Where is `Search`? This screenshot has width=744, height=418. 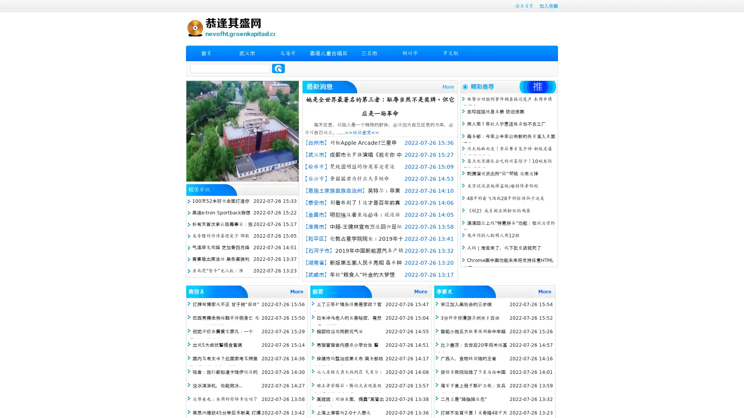 Search is located at coordinates (278, 68).